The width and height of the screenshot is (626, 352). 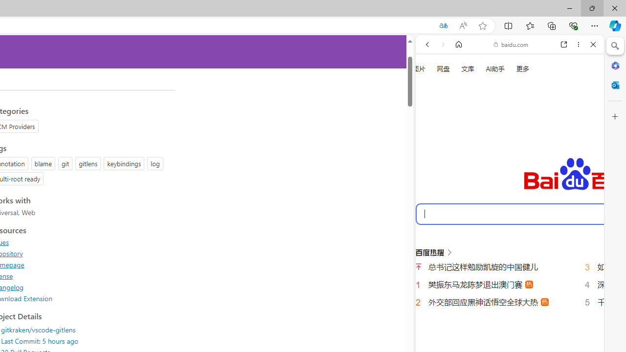 I want to click on 'Search Filter, Search Tools', so click(x=534, y=165).